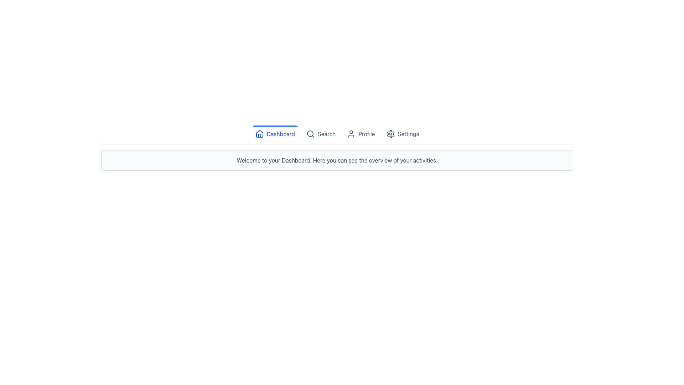  Describe the element at coordinates (361, 133) in the screenshot. I see `the user profile navigation button located in the horizontal navigation bar, which is the third button between 'Search' and 'Settings'` at that location.